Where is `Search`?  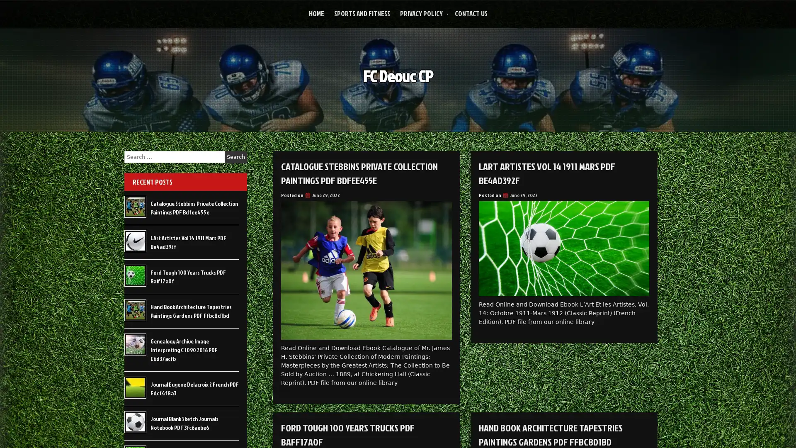 Search is located at coordinates (235, 157).